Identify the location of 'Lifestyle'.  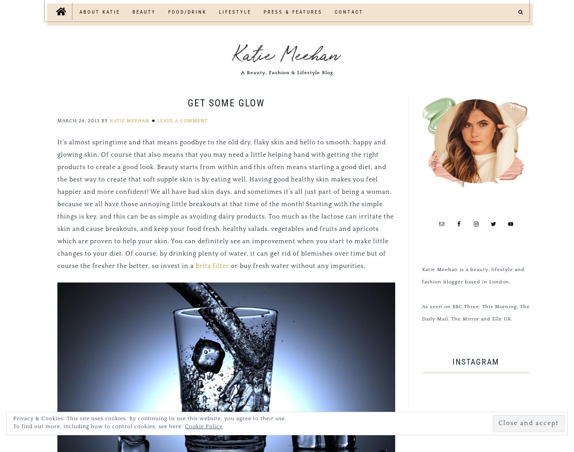
(235, 12).